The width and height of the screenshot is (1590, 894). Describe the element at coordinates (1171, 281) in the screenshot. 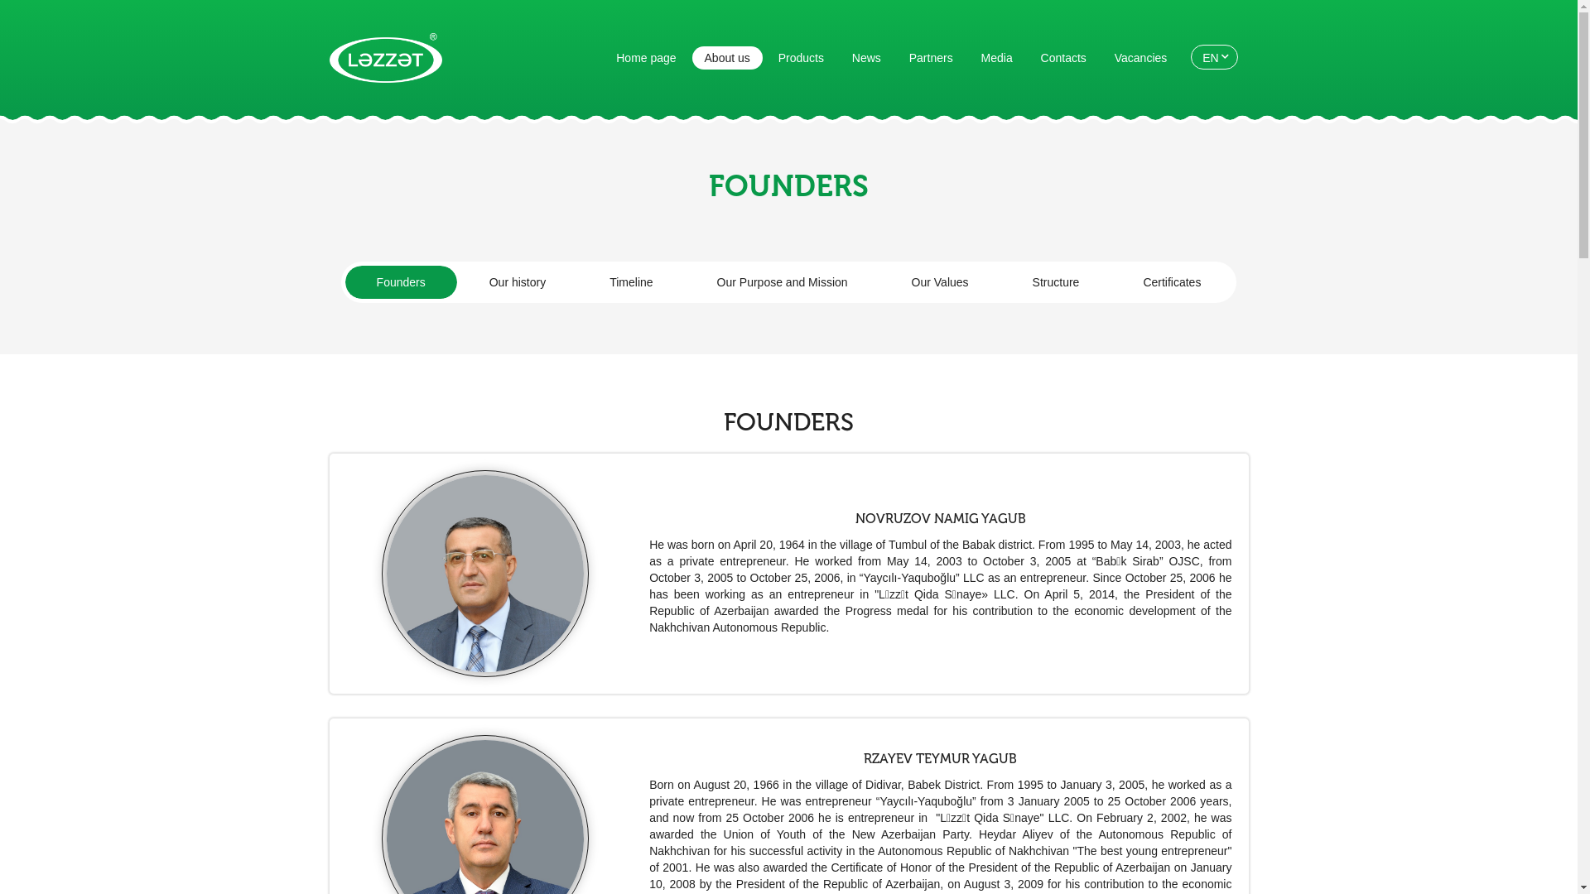

I see `'Certificates'` at that location.